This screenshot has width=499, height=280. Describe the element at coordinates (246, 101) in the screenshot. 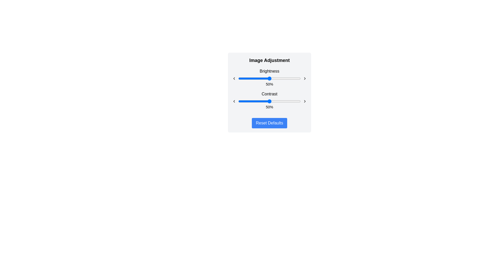

I see `contrast` at that location.